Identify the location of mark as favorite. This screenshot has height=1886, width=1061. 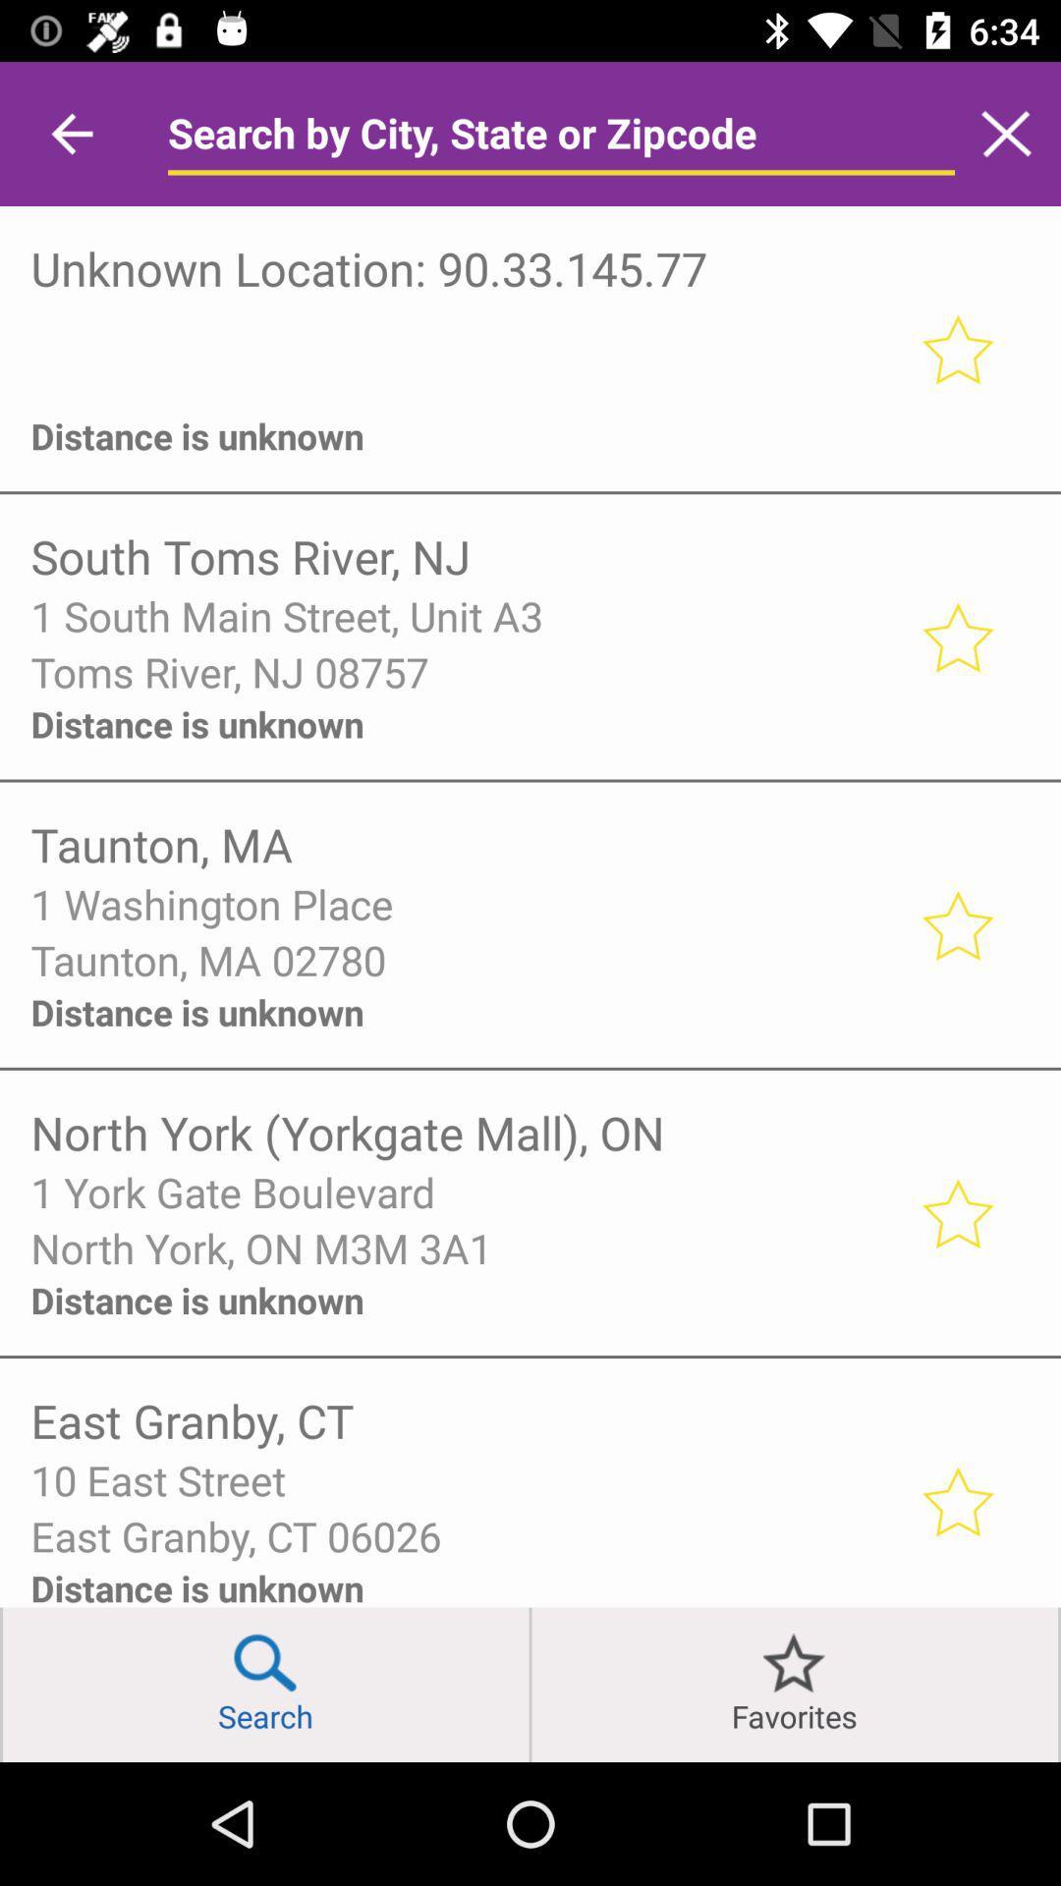
(956, 1211).